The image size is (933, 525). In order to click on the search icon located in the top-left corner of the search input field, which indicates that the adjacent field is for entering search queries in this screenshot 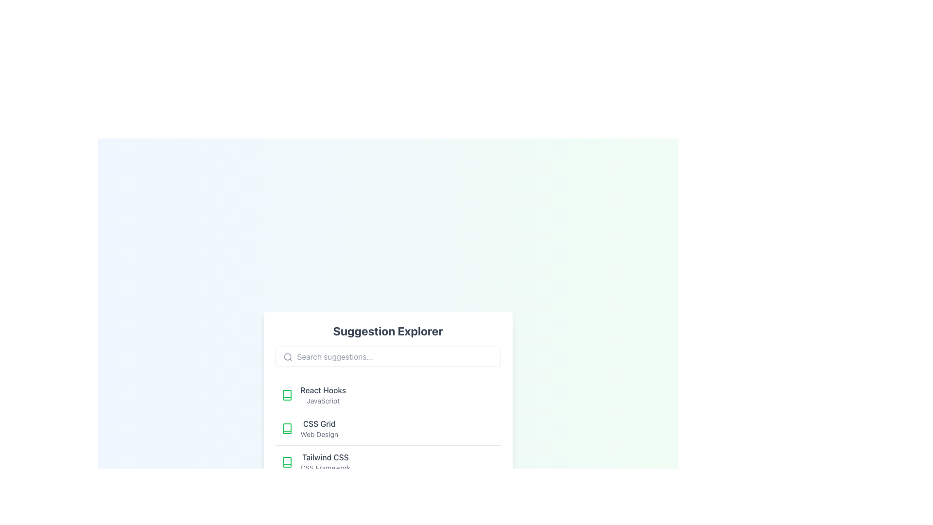, I will do `click(287, 357)`.